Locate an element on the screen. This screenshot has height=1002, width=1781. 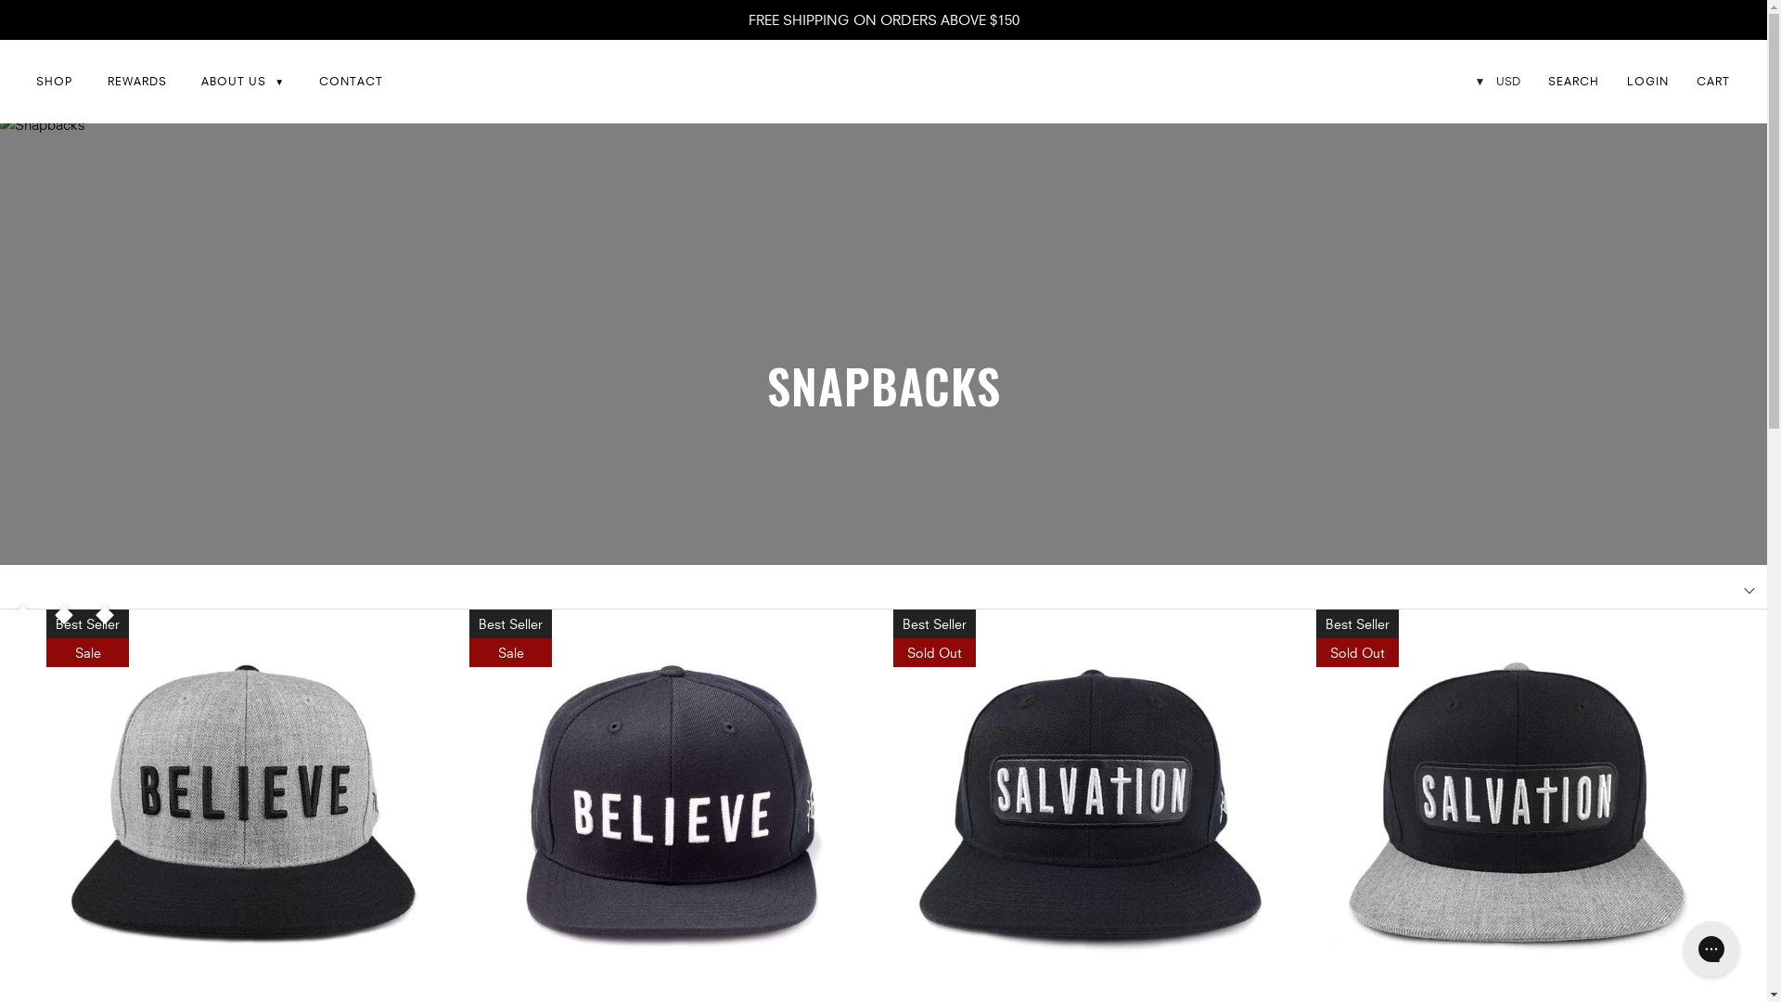
'GBP' is located at coordinates (1471, 217).